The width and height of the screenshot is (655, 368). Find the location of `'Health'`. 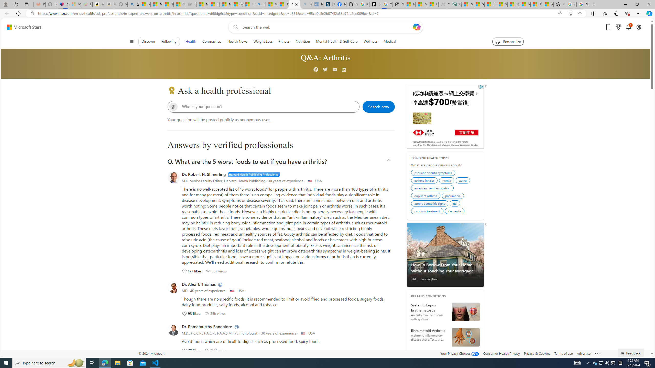

'Health' is located at coordinates (190, 41).